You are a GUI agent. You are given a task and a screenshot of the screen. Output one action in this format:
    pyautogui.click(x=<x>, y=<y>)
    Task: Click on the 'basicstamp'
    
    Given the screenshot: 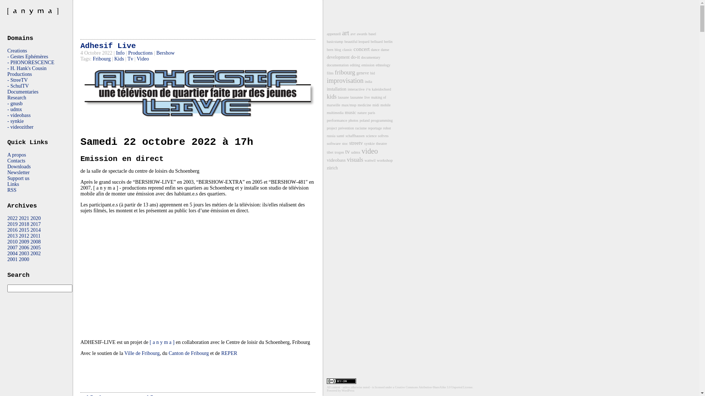 What is the action you would take?
    pyautogui.click(x=335, y=41)
    